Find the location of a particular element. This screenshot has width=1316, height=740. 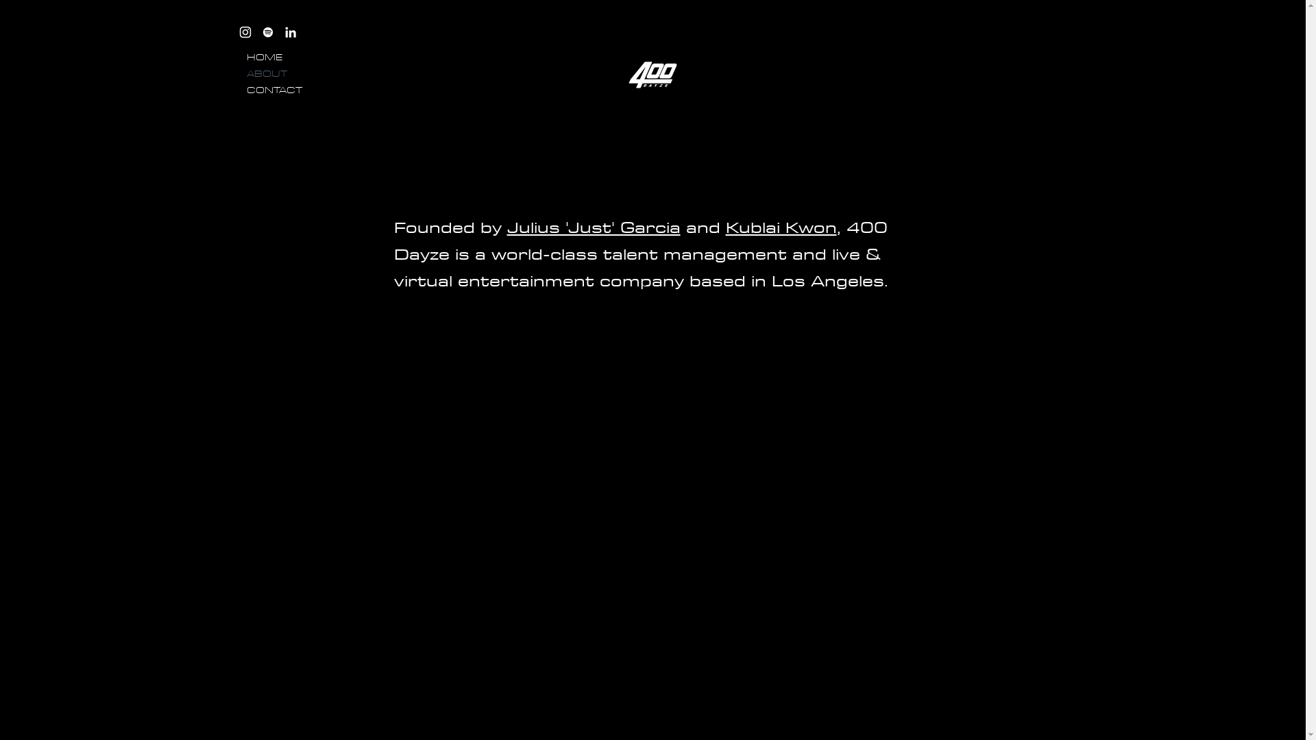

'HOME' is located at coordinates (276, 57).